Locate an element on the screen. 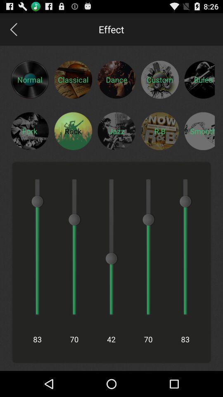 This screenshot has width=223, height=397. go back is located at coordinates (13, 29).